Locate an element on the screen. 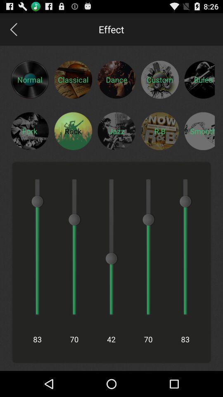 This screenshot has width=223, height=397. go back is located at coordinates (13, 29).